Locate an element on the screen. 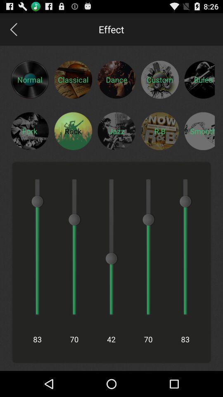 This screenshot has width=223, height=397. go back is located at coordinates (13, 29).